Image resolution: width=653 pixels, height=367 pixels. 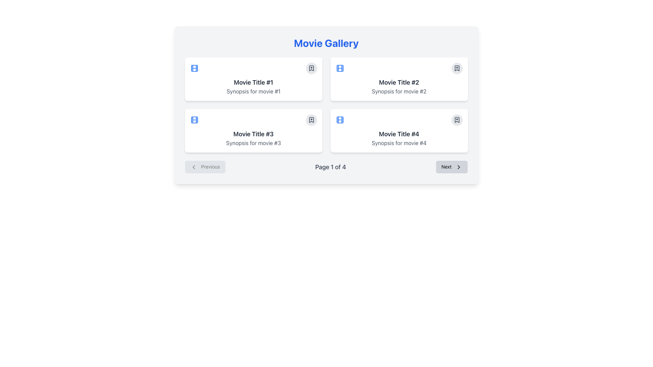 What do you see at coordinates (194, 68) in the screenshot?
I see `the movie icon representing 'Movie Title #1' by moving the cursor to it` at bounding box center [194, 68].